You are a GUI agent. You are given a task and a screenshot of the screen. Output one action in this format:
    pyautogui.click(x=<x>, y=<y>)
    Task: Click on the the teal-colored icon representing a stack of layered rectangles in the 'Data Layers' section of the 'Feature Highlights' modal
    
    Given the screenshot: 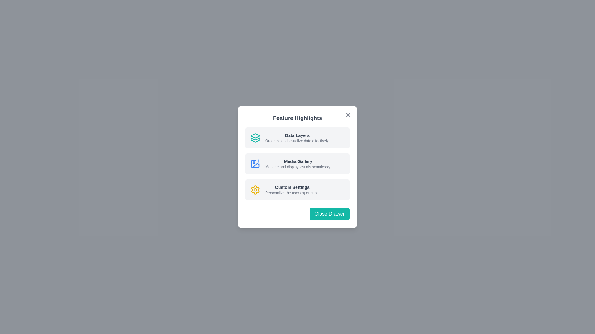 What is the action you would take?
    pyautogui.click(x=255, y=138)
    